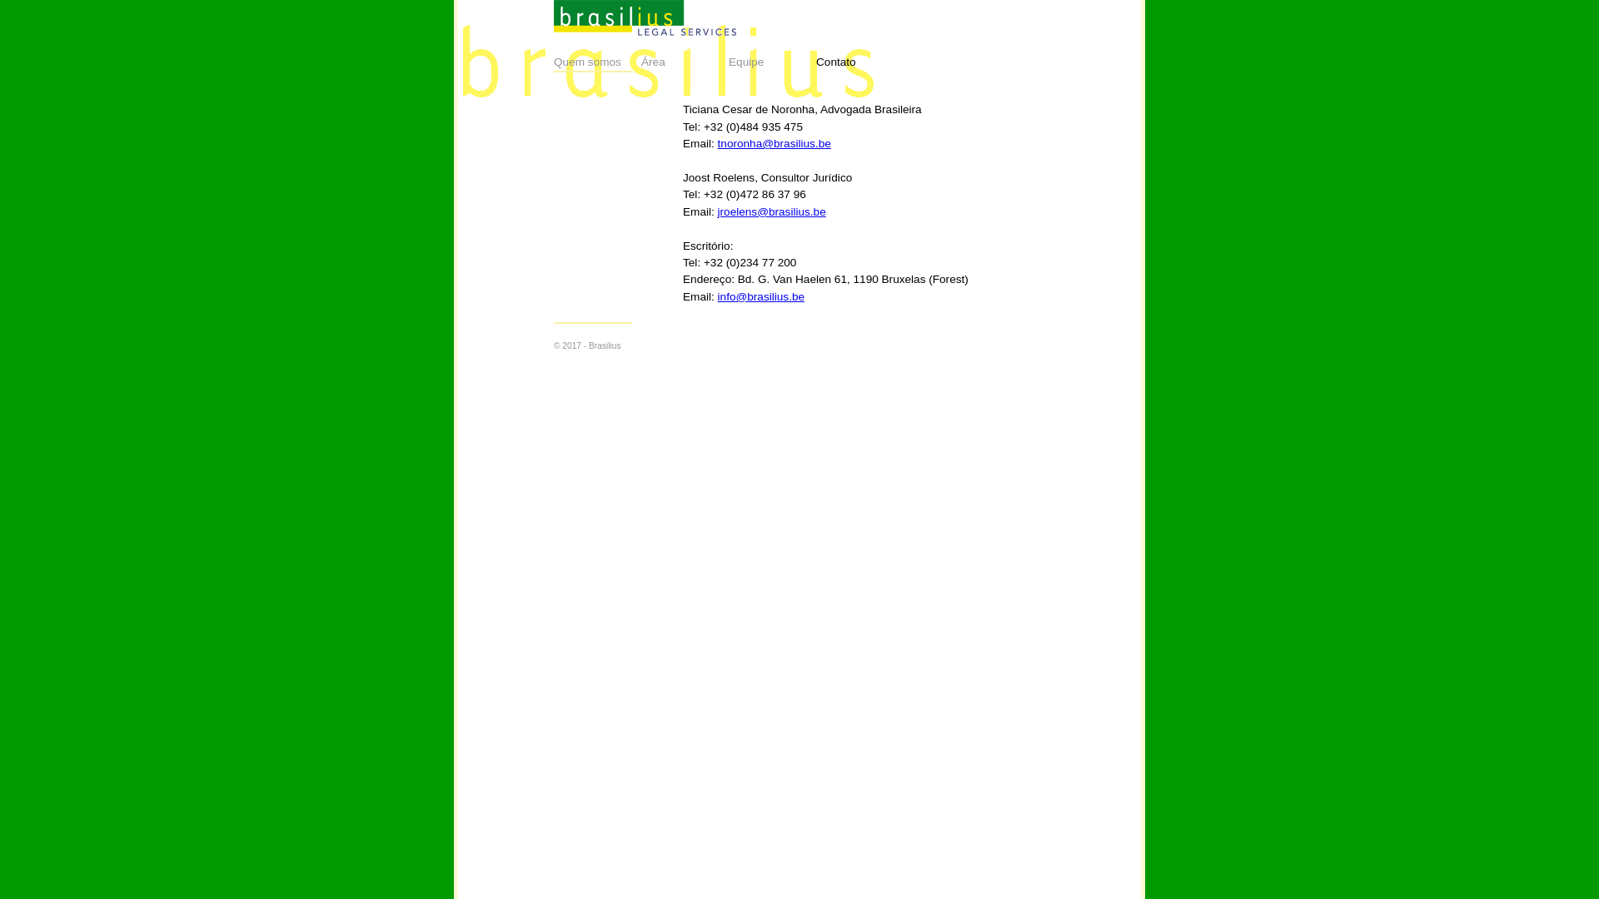 The height and width of the screenshot is (899, 1599). Describe the element at coordinates (770, 211) in the screenshot. I see `'jroelens@brasilius.be'` at that location.